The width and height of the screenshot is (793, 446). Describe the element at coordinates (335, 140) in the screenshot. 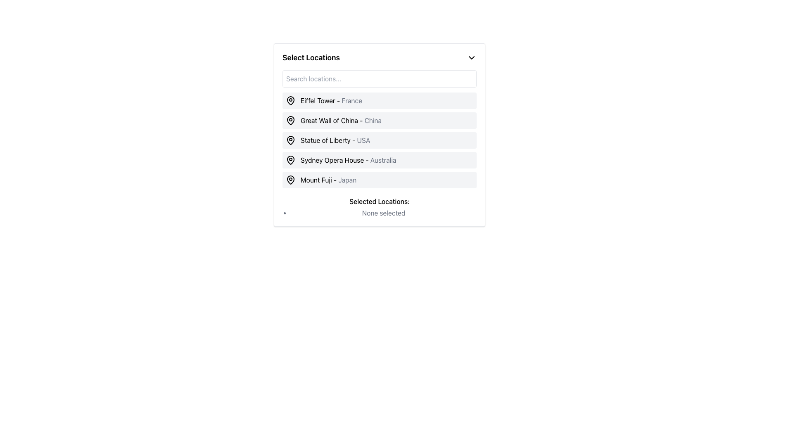

I see `text of the third item in the location selection list, which identifies 'Statue of Liberty - USA'` at that location.